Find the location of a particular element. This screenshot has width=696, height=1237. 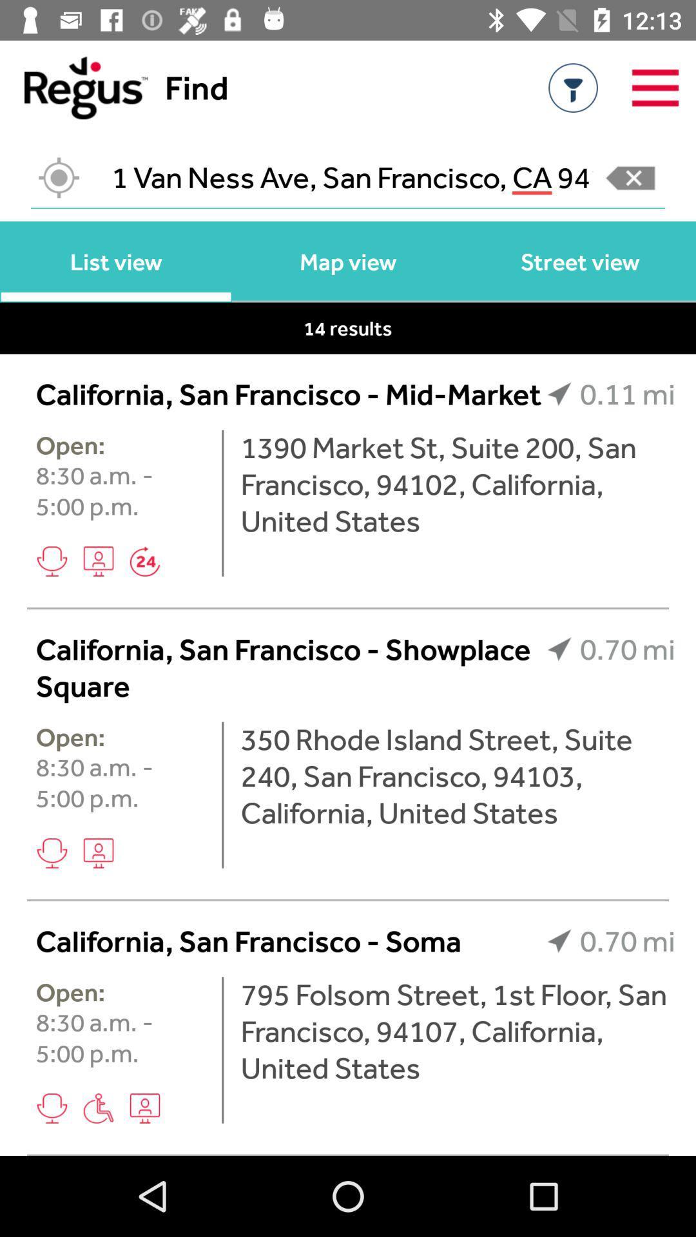

the item below the california san francisco is located at coordinates (222, 1050).